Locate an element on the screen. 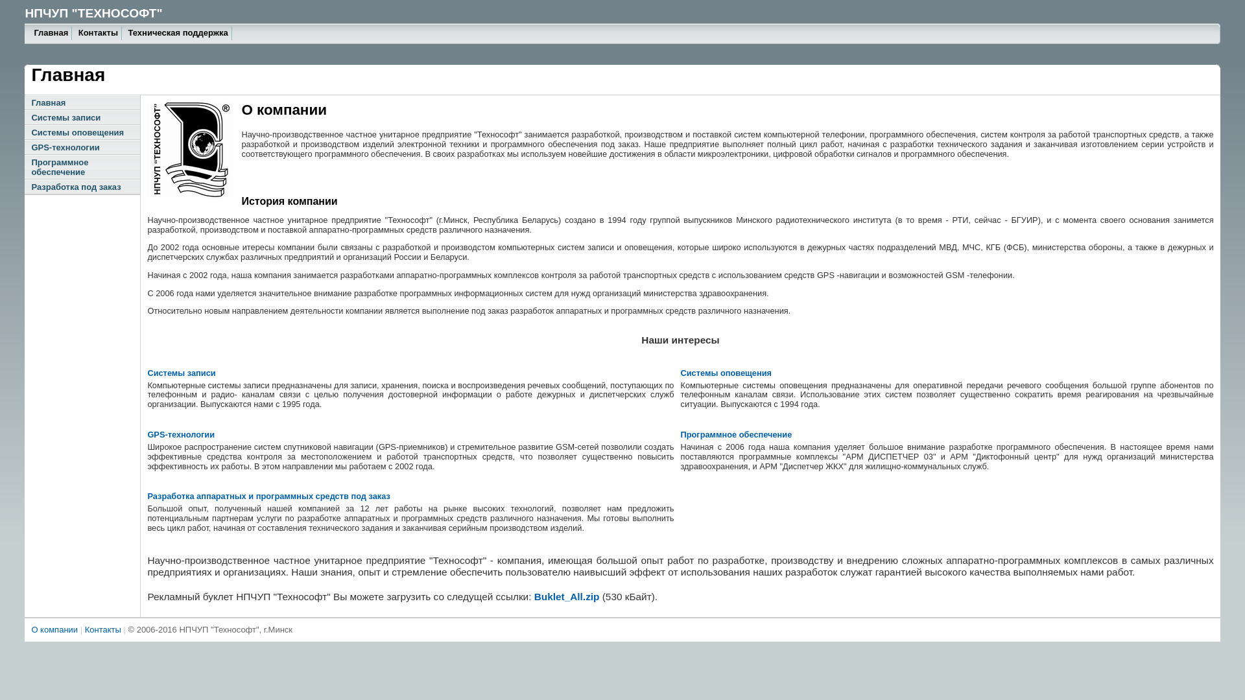 The image size is (1245, 700). 'Buklet_All.zip' is located at coordinates (534, 596).